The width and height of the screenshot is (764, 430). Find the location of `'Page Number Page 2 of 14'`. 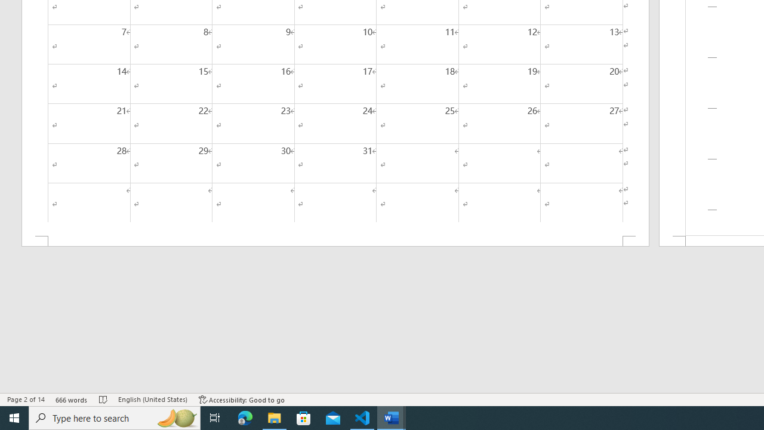

'Page Number Page 2 of 14' is located at coordinates (26, 400).